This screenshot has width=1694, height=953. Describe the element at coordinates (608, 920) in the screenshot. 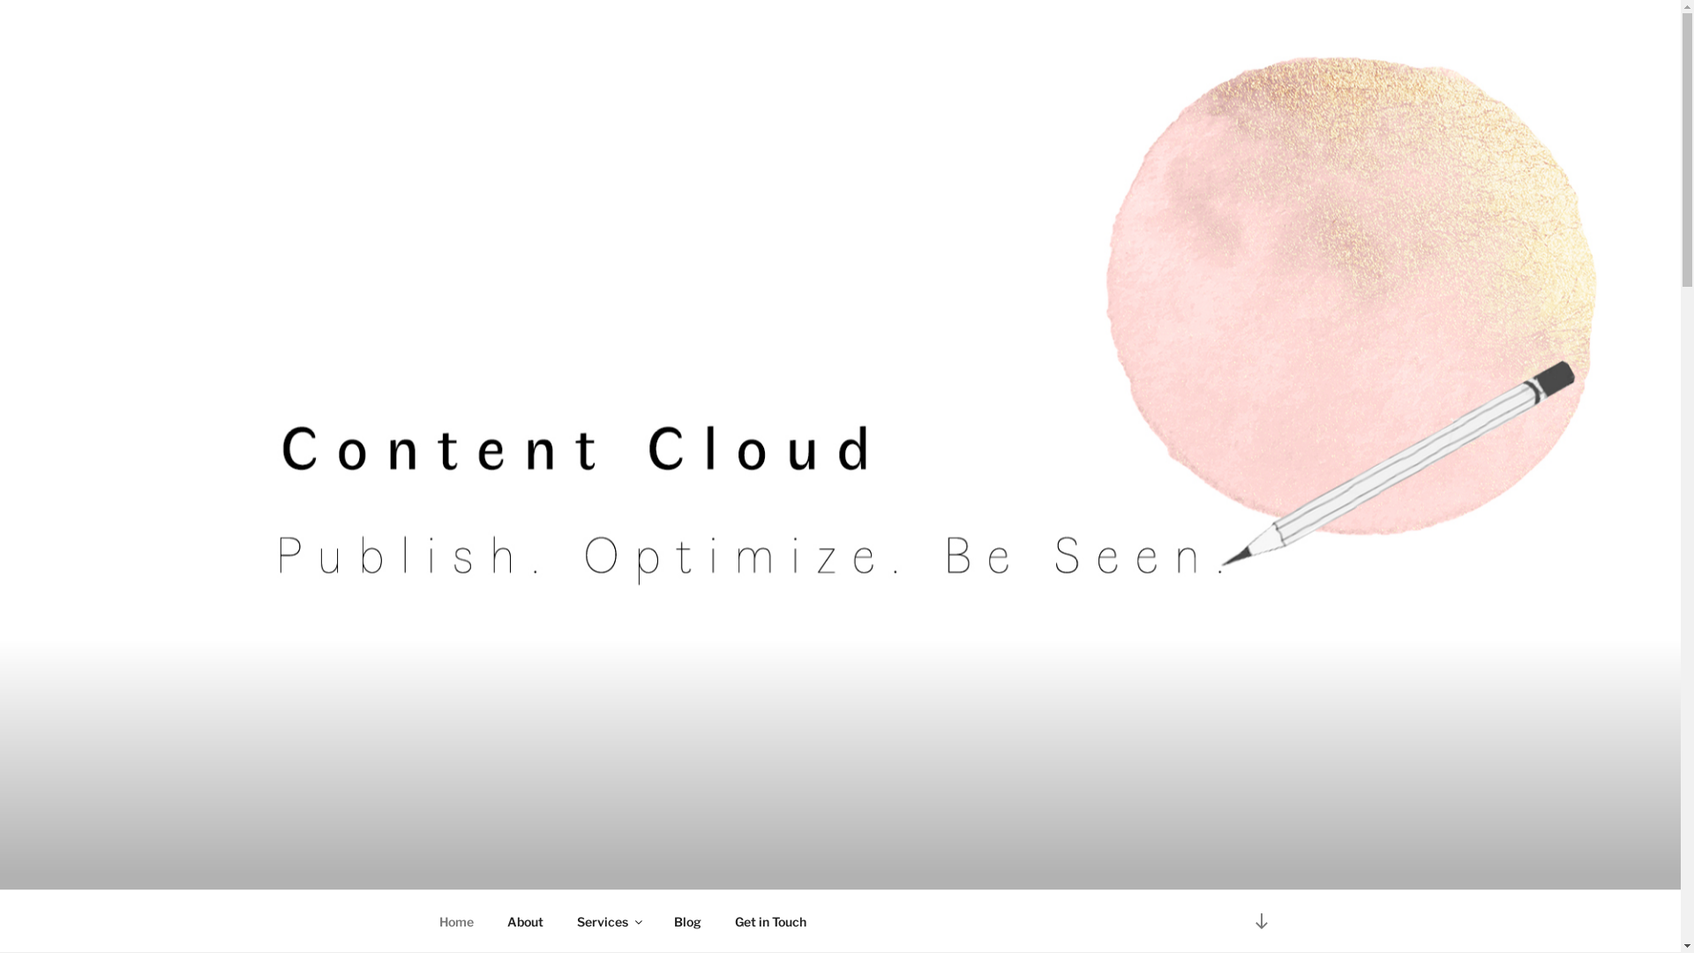

I see `'Services'` at that location.